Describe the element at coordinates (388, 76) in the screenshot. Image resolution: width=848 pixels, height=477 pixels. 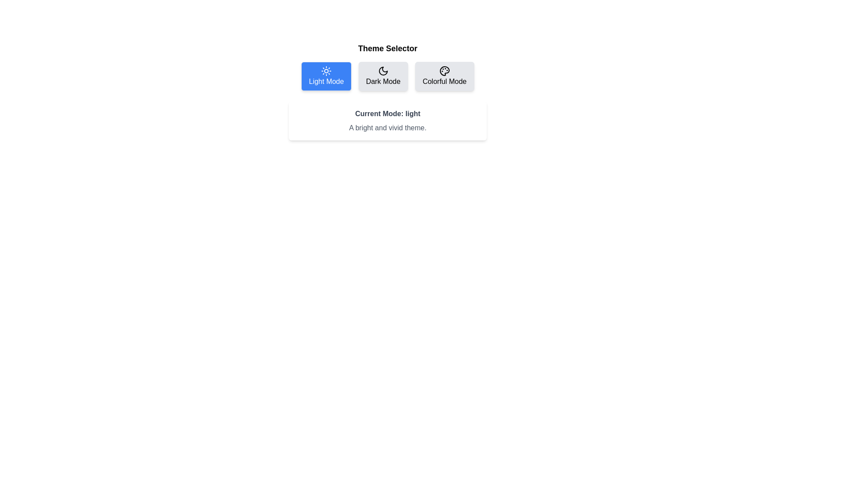
I see `the 'dark mode' button located under the 'Theme Selector', which is the second button in a row of three options between the 'Light Mode' and 'Colorful Mode' buttons` at that location.